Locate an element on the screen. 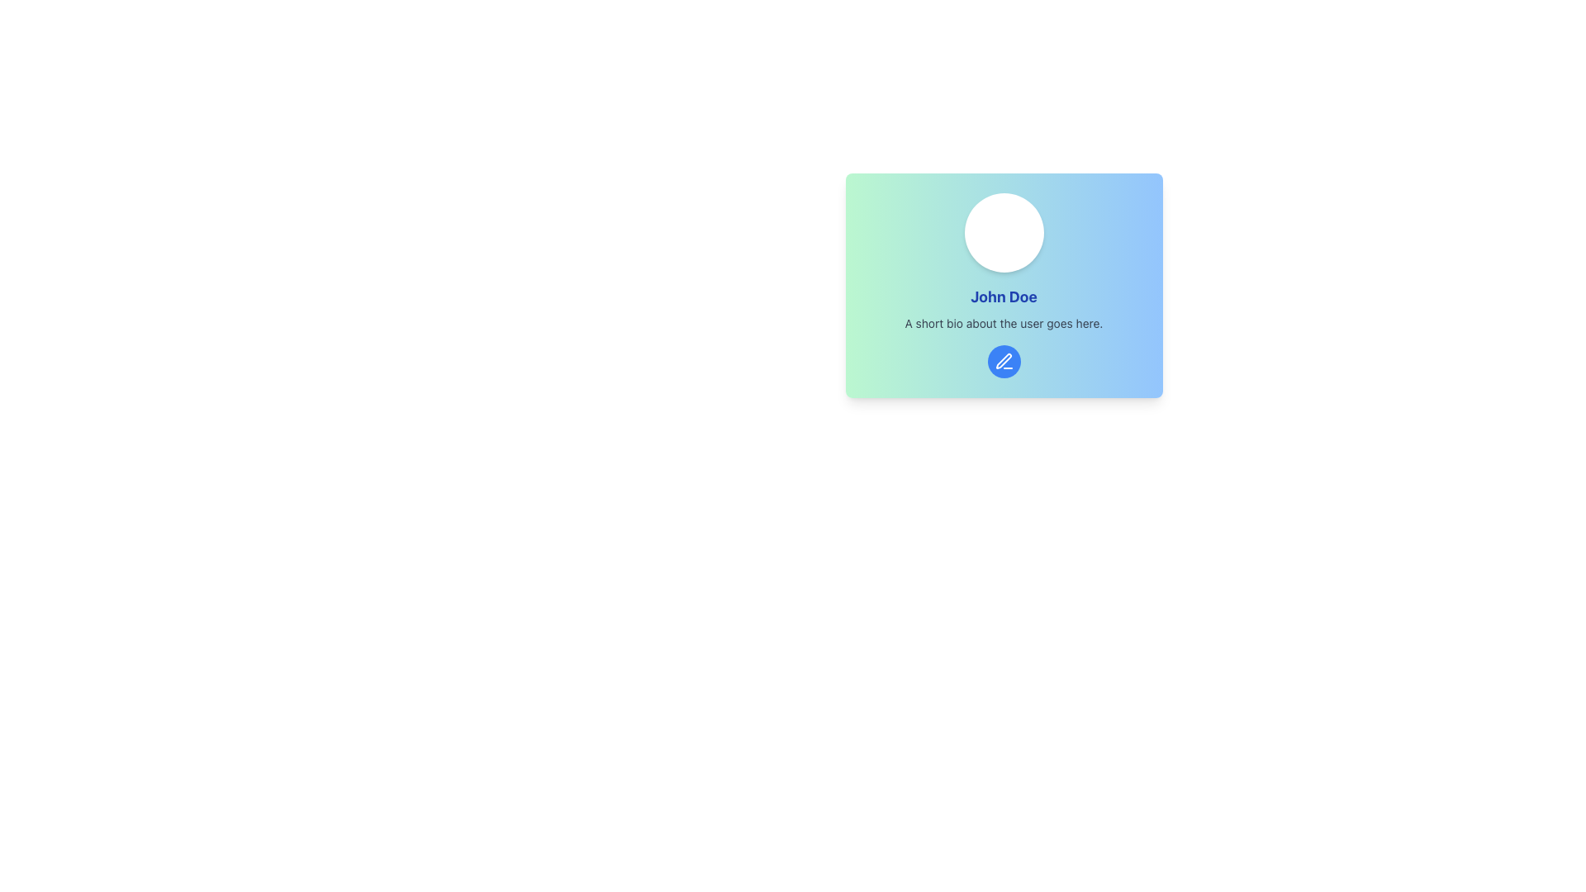 This screenshot has width=1586, height=892. the edit icon within the circular button located at the bottom edge of the user card is located at coordinates (1003, 361).